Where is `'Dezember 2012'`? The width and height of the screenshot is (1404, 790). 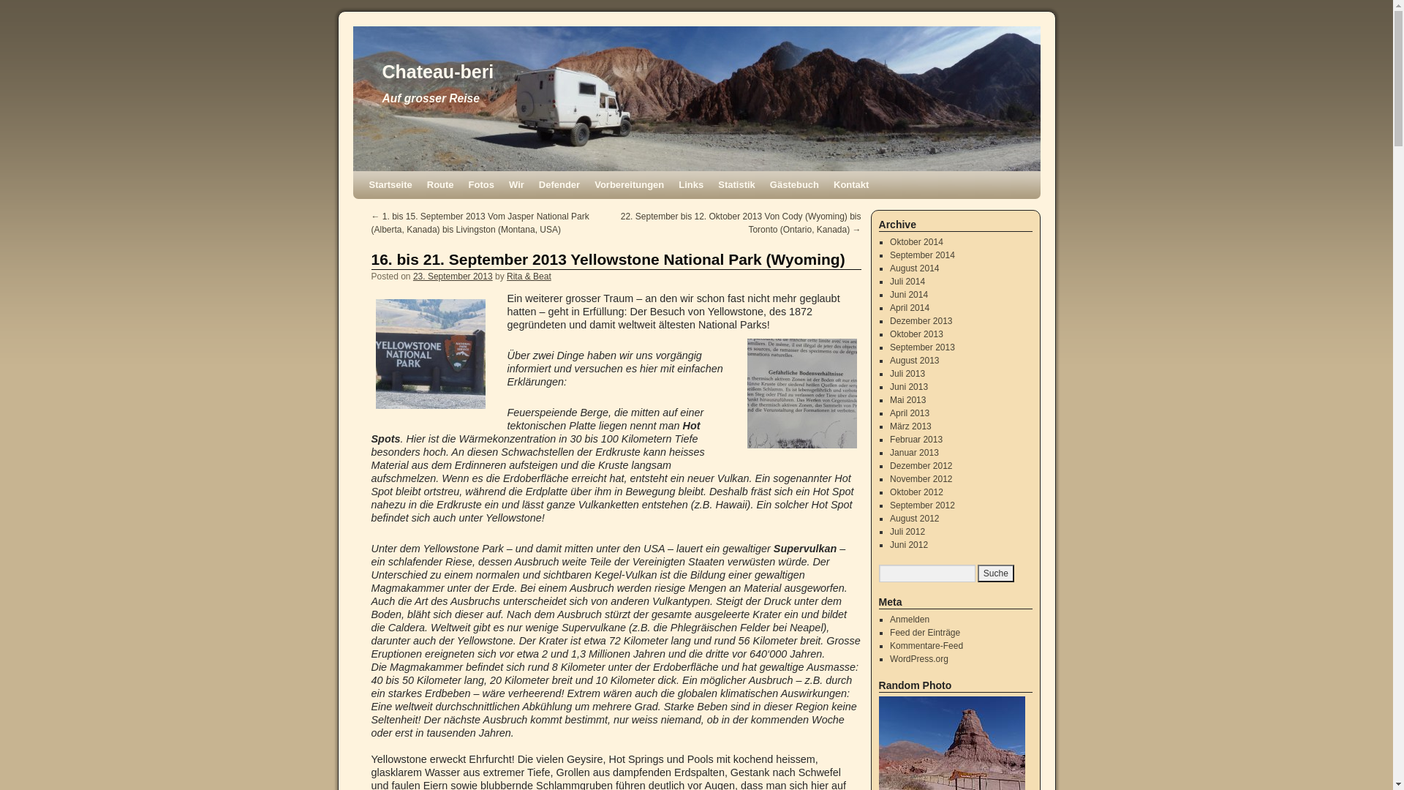
'Dezember 2012' is located at coordinates (920, 465).